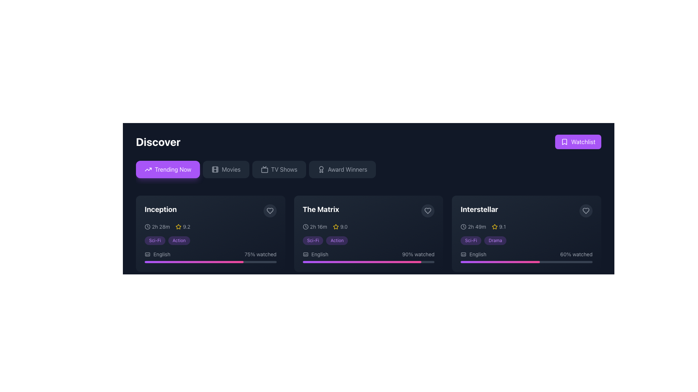  What do you see at coordinates (463, 254) in the screenshot?
I see `the icon indicating the availability of captions or subtitles for the media content labeled 'Interstellar', located to the left of the text 'English'` at bounding box center [463, 254].